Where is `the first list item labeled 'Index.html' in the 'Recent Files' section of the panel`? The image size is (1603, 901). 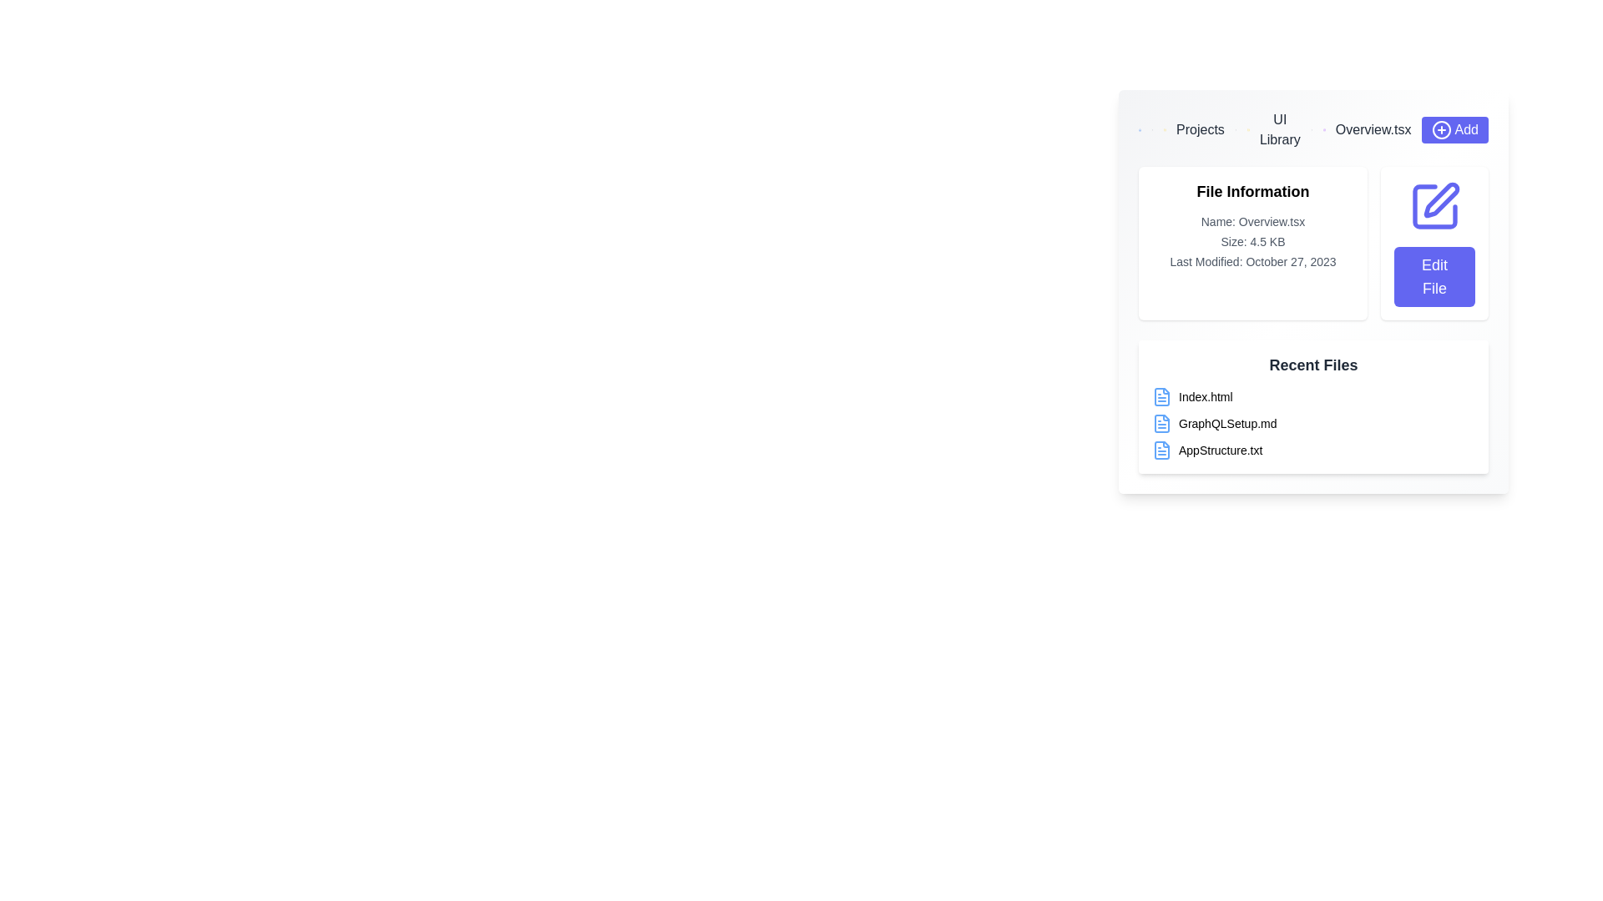
the first list item labeled 'Index.html' in the 'Recent Files' section of the panel is located at coordinates (1312, 396).